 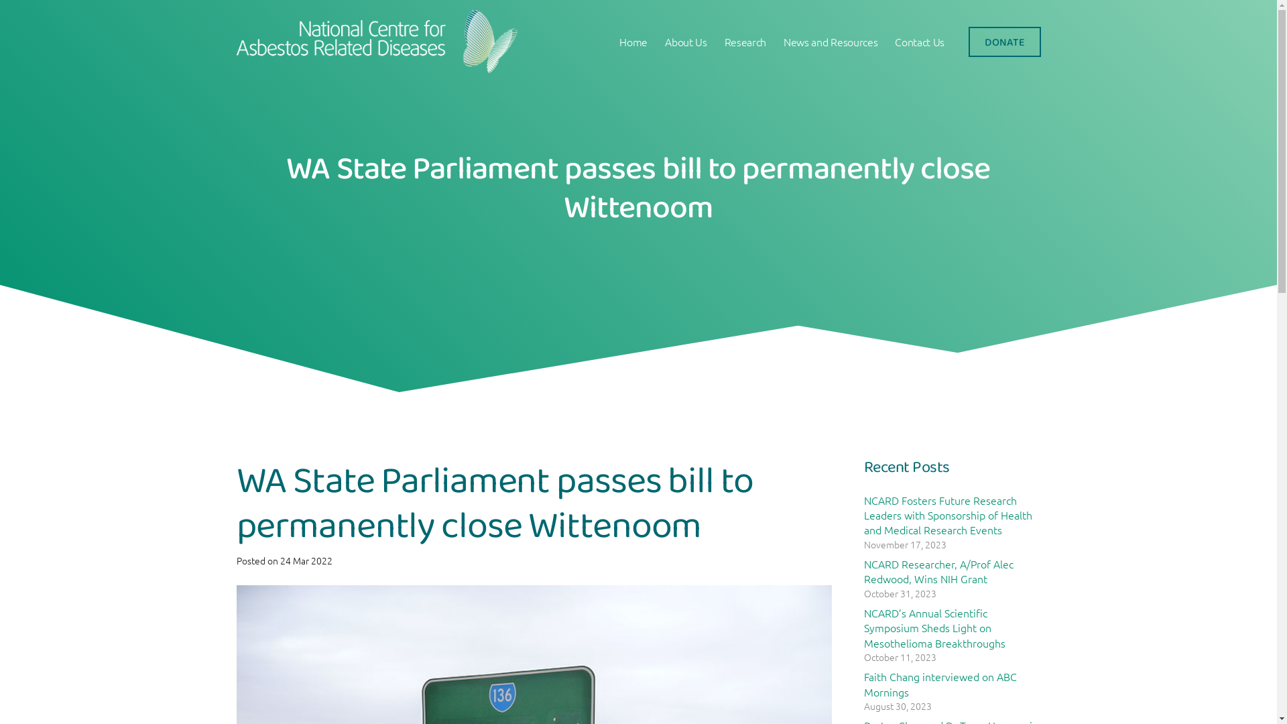 What do you see at coordinates (829, 41) in the screenshot?
I see `'News and Resources'` at bounding box center [829, 41].